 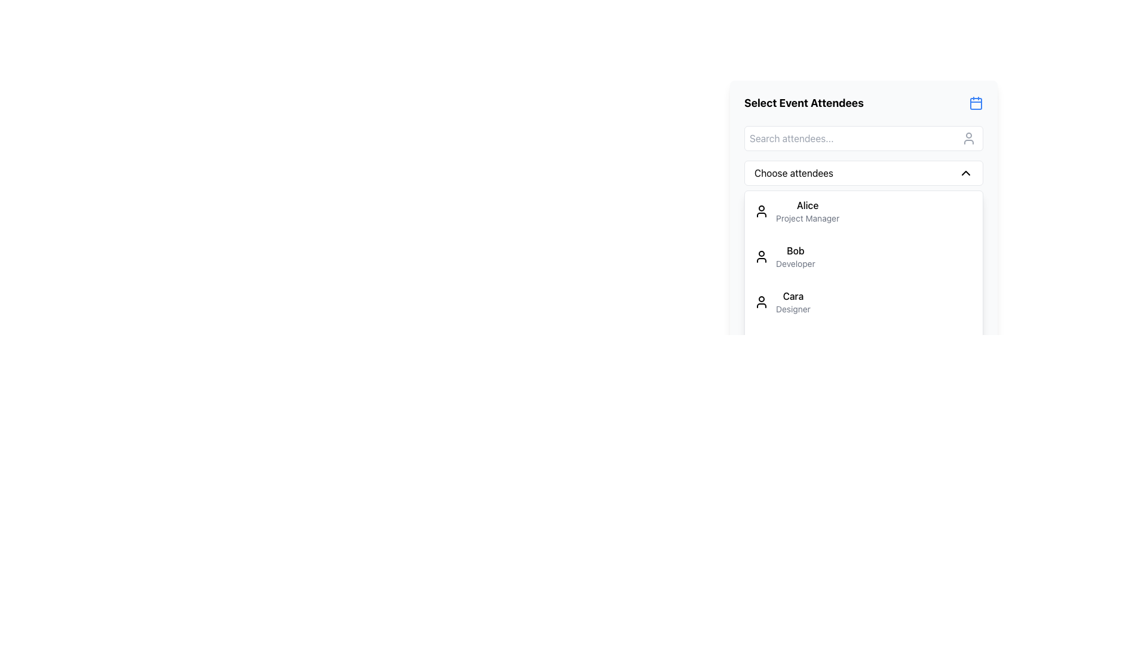 What do you see at coordinates (793, 308) in the screenshot?
I see `the text label displaying 'Designer', which is styled in a small gray font and positioned directly below 'Cara' in the attendees' list` at bounding box center [793, 308].